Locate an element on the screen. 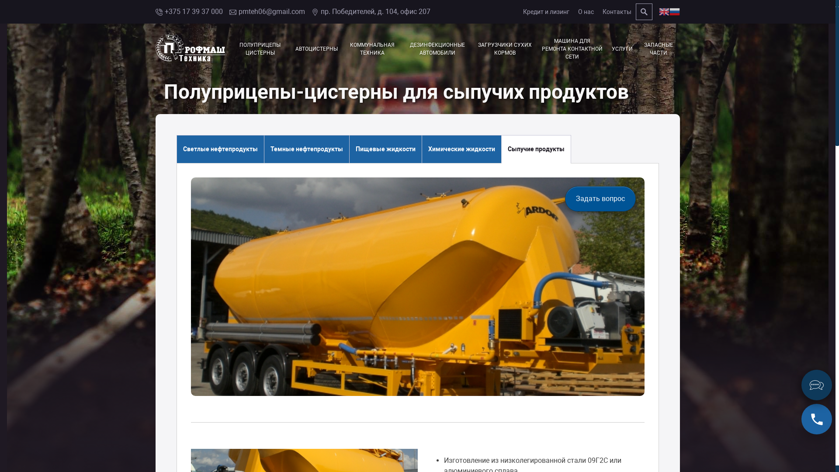 The width and height of the screenshot is (839, 472). 'Russian' is located at coordinates (674, 11).